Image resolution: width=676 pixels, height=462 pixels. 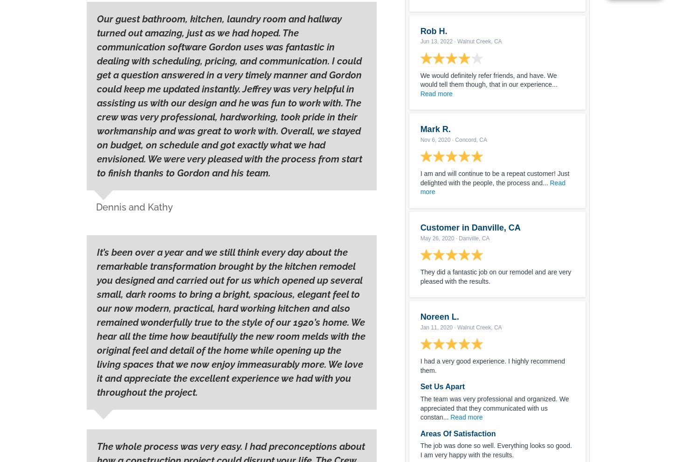 I want to click on 'Dennis and Kathy', so click(x=134, y=207).